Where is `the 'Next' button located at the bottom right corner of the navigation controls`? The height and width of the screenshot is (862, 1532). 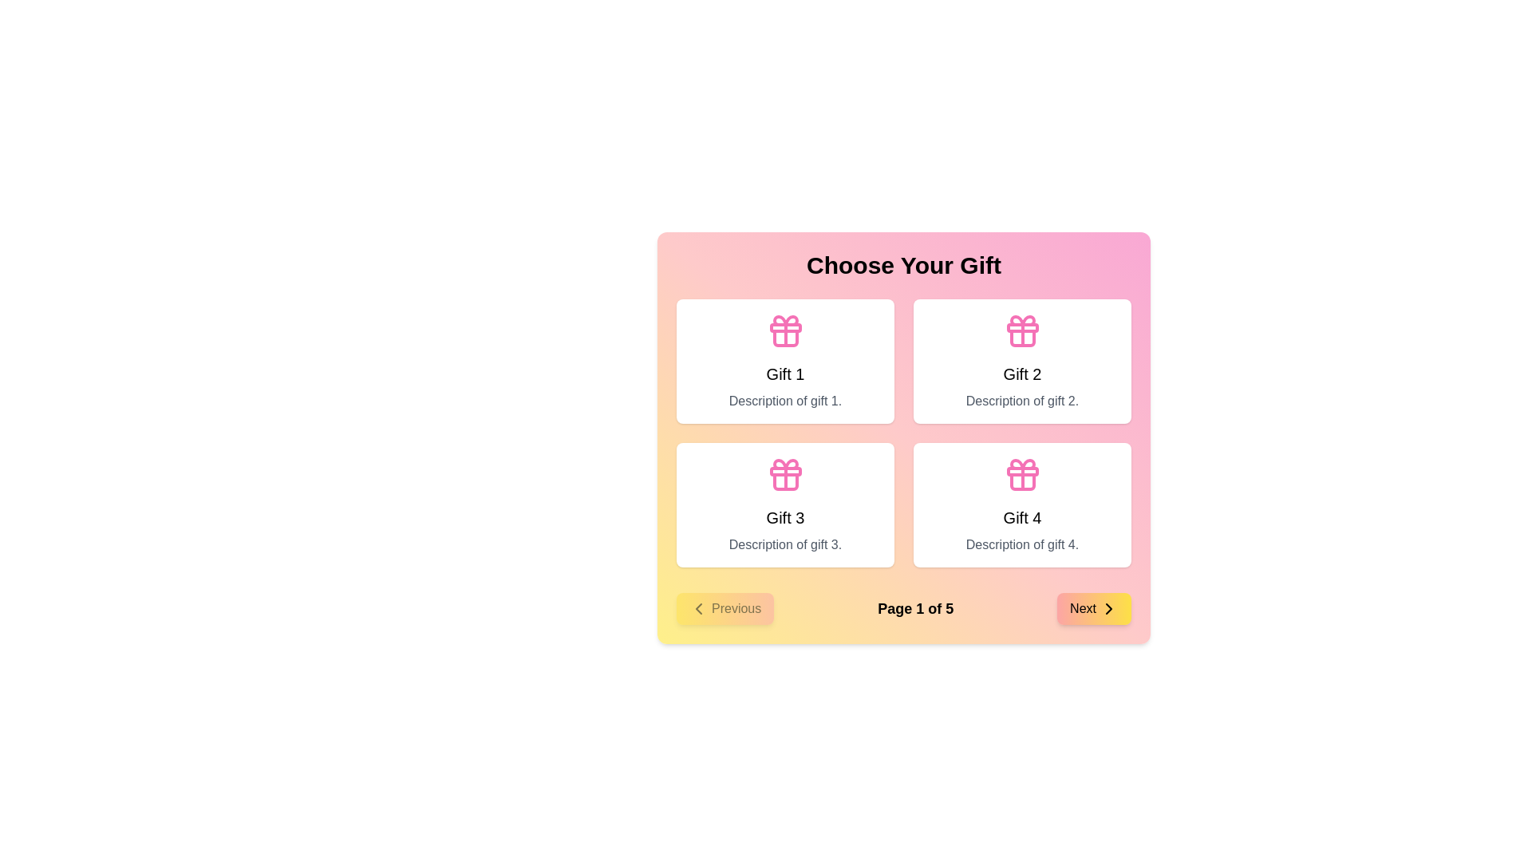
the 'Next' button located at the bottom right corner of the navigation controls is located at coordinates (1093, 609).